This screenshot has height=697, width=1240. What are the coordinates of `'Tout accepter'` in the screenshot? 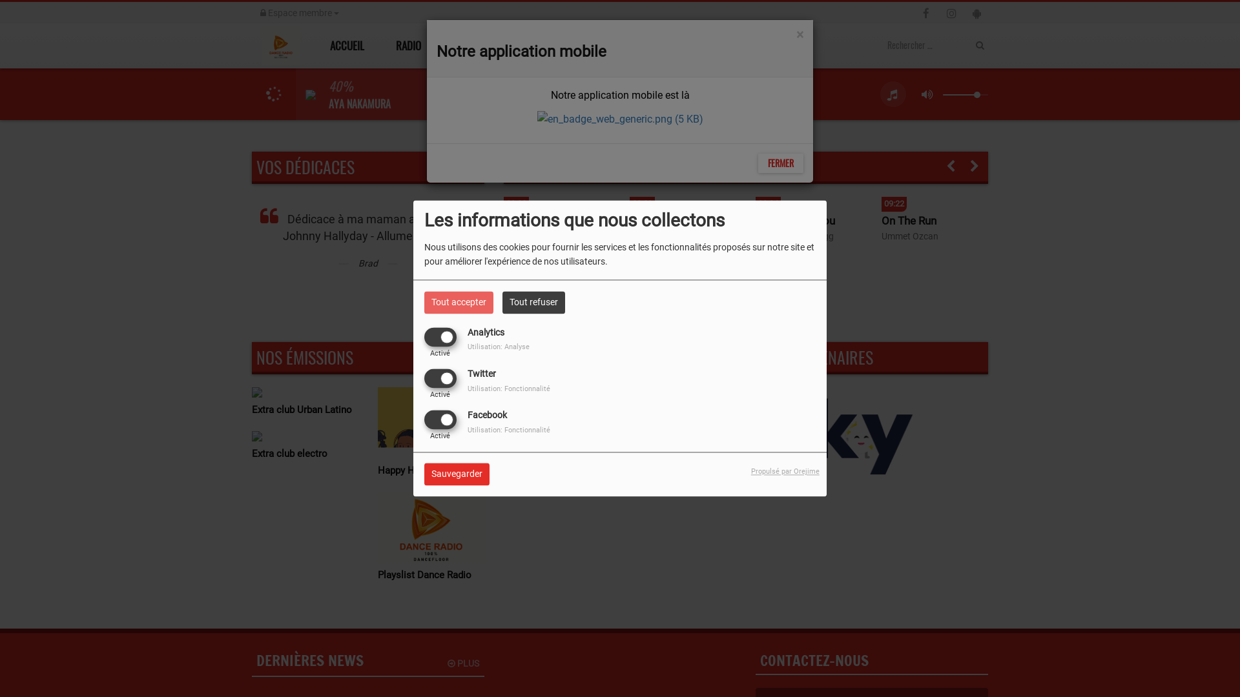 It's located at (459, 302).